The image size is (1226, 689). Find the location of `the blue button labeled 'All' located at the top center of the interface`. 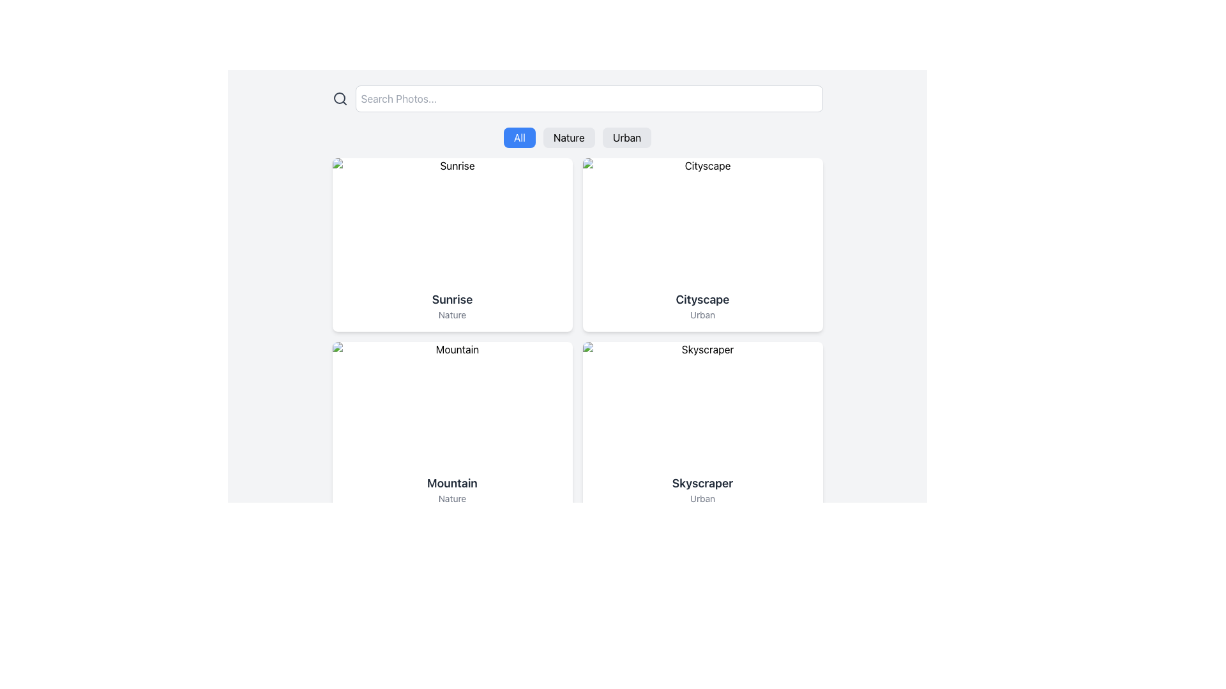

the blue button labeled 'All' located at the top center of the interface is located at coordinates (519, 138).